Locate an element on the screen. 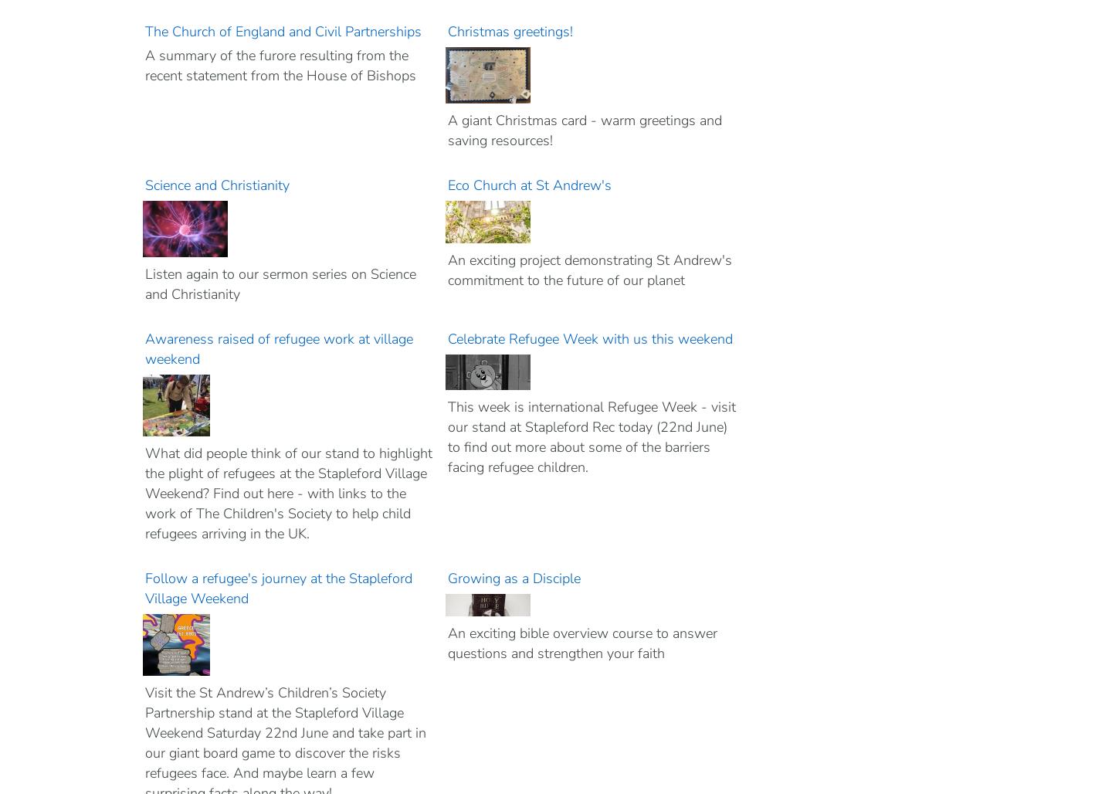  'Growing as a Disciple' is located at coordinates (447, 578).